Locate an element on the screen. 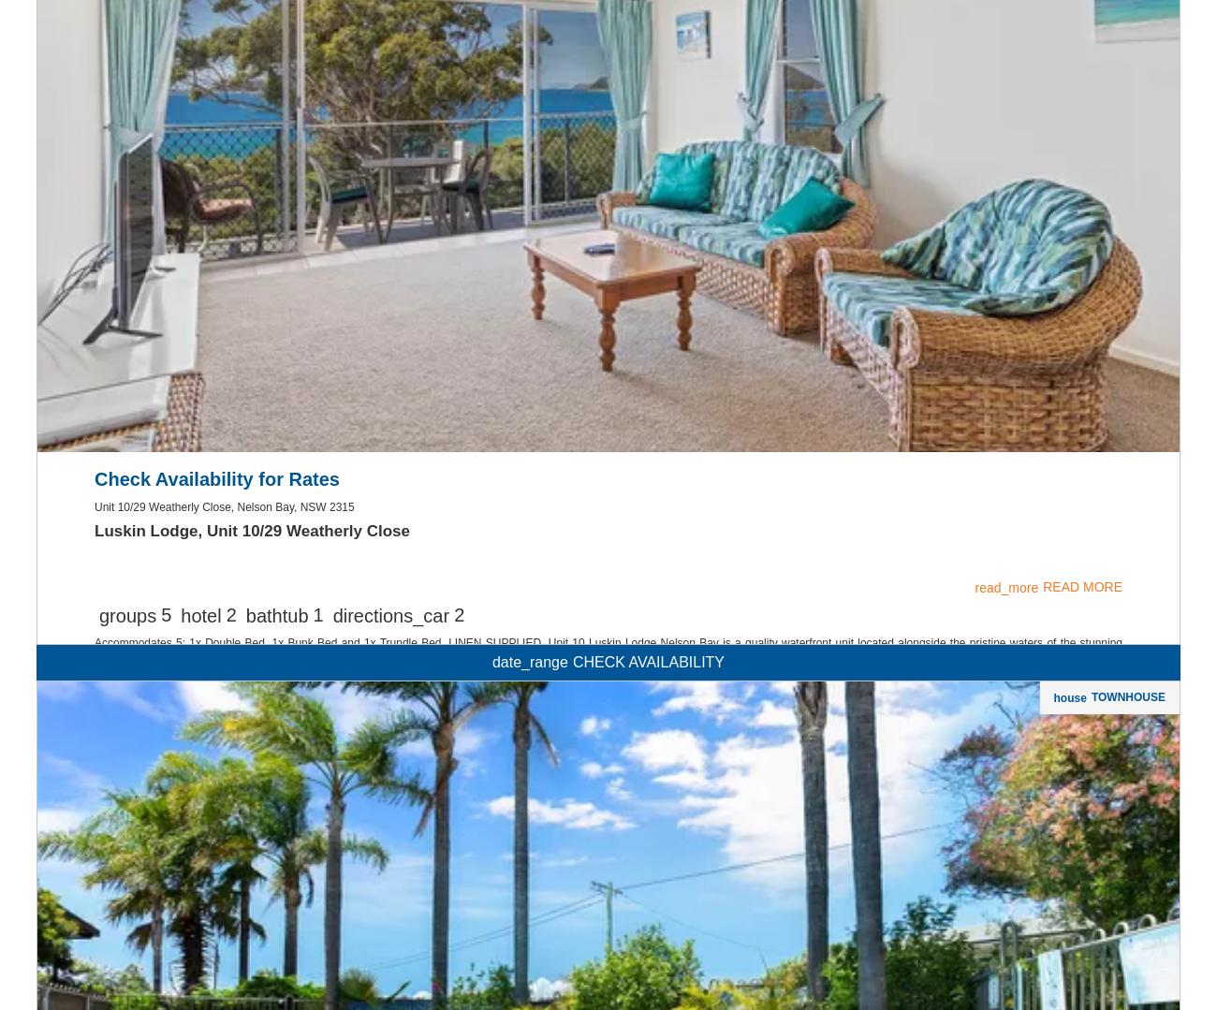 This screenshot has width=1217, height=1010. 'pets' is located at coordinates (608, 117).